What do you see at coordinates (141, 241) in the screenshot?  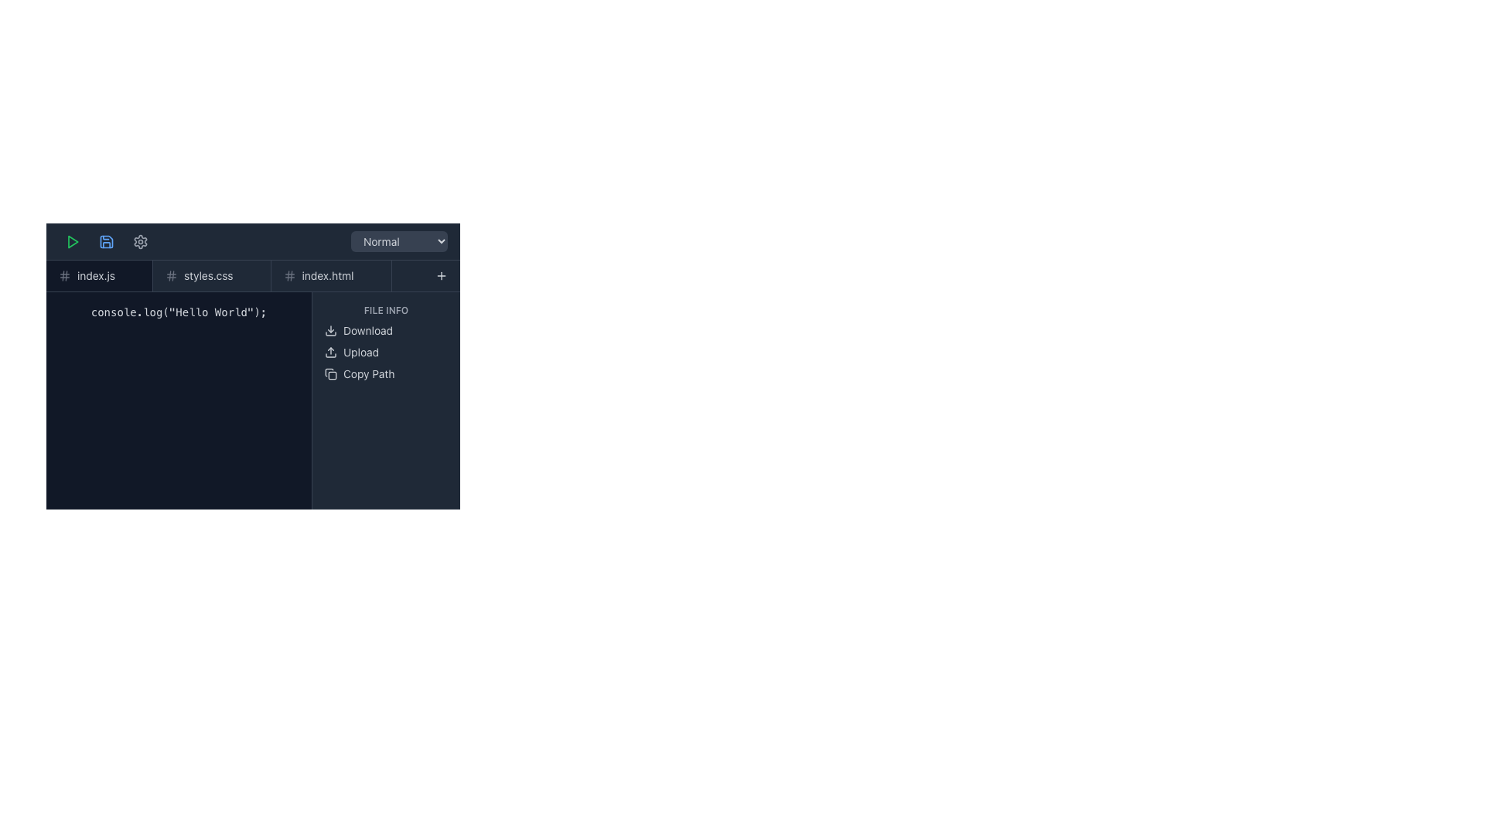 I see `the settings icon located at the top left of the interface, which is the second icon next to the play button` at bounding box center [141, 241].